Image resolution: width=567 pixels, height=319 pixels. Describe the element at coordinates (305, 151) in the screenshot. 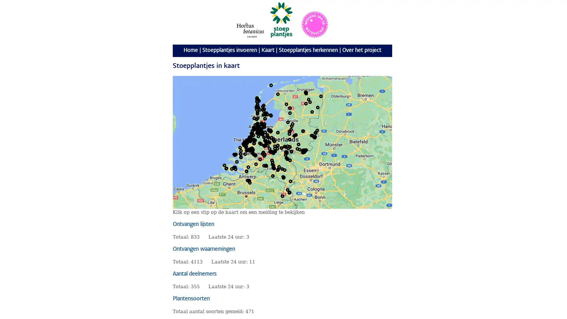

I see `Telling van op 10 mei 2022` at that location.